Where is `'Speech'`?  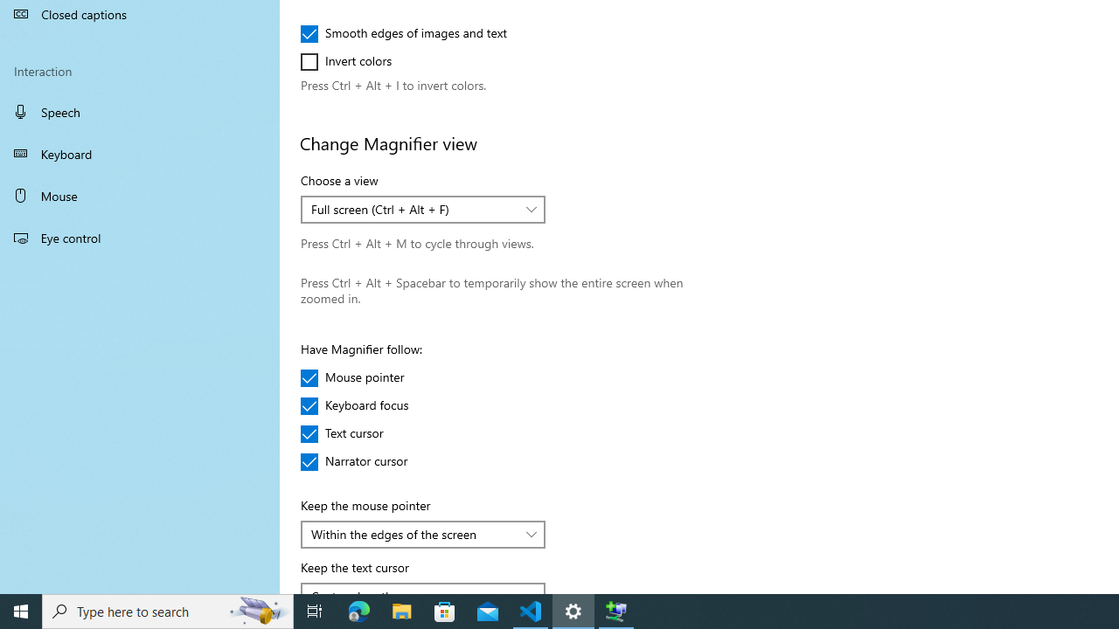
'Speech' is located at coordinates (140, 111).